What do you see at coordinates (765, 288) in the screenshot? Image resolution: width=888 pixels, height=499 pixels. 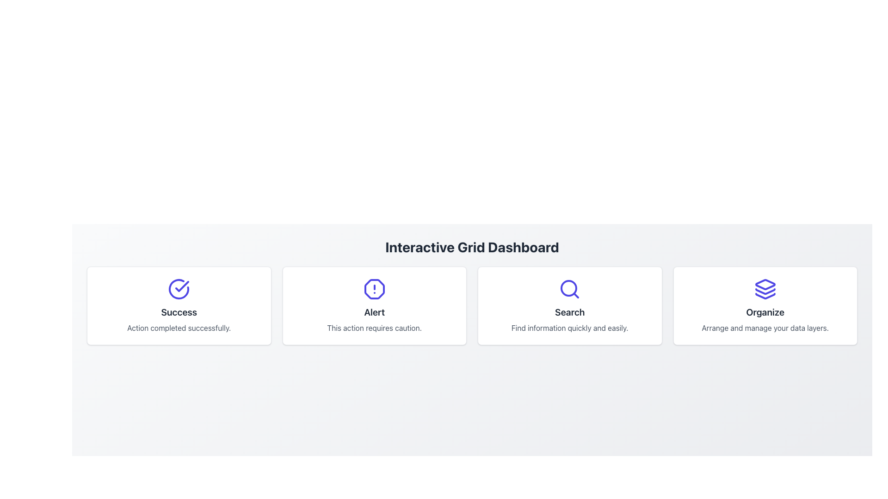 I see `the stylized icon resembling a stack of layers located at the top center of the 'Organize' card` at bounding box center [765, 288].